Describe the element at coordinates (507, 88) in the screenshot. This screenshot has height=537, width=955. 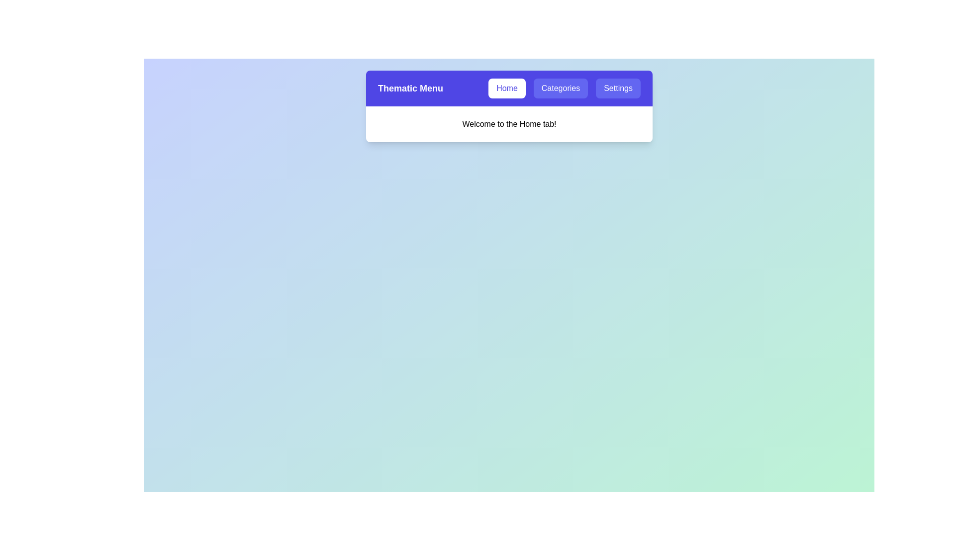
I see `the Home button to navigate to the corresponding tab` at that location.